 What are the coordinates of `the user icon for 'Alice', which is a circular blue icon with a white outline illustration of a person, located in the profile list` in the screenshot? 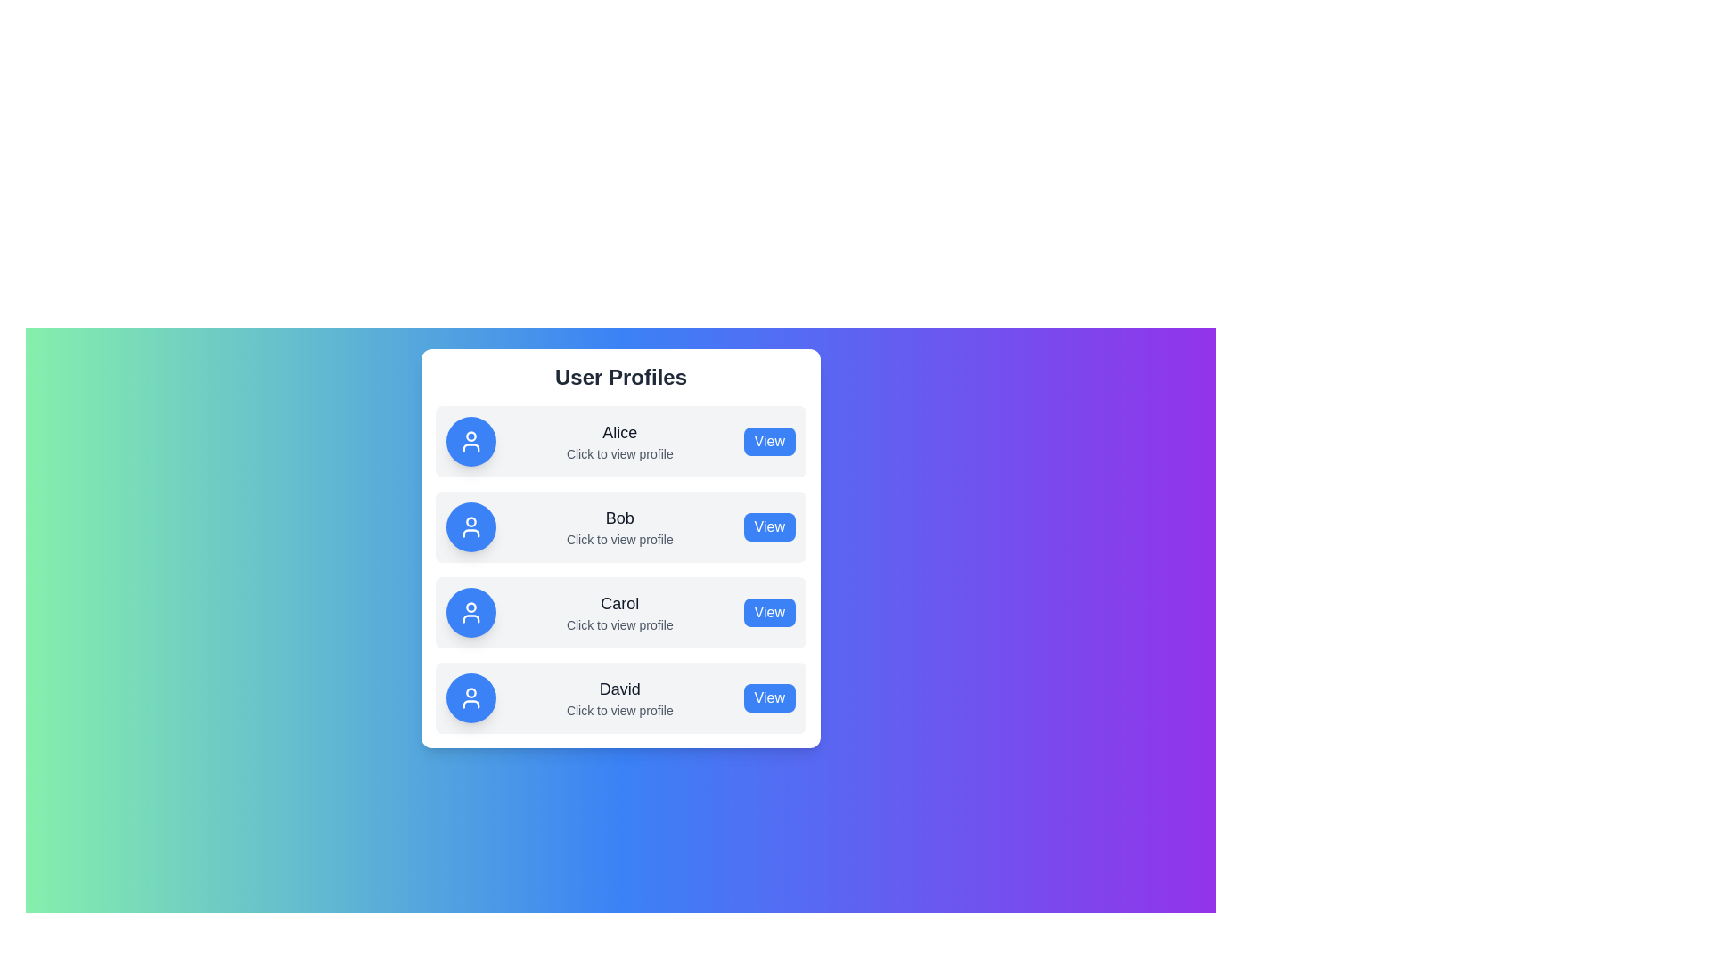 It's located at (471, 441).